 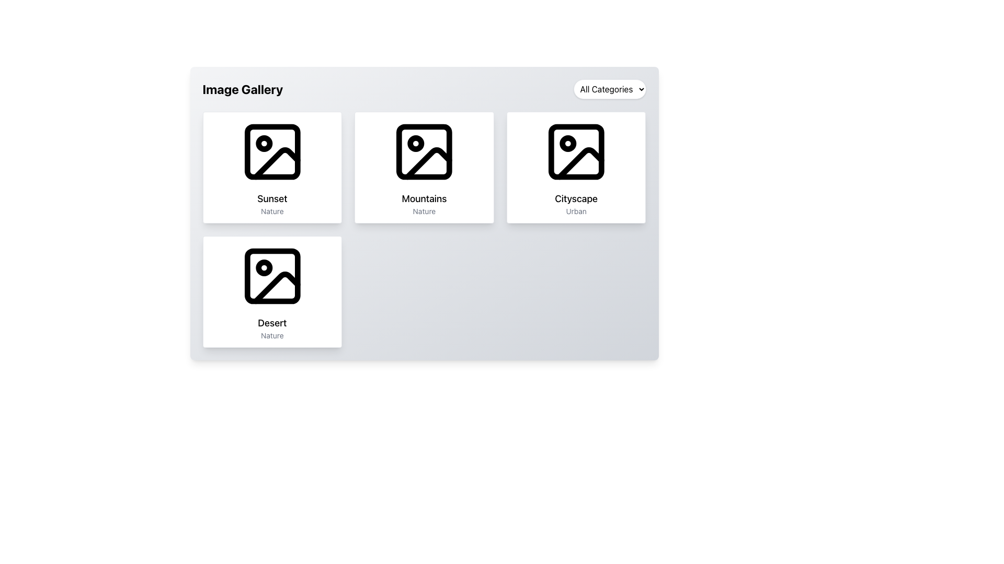 What do you see at coordinates (424, 151) in the screenshot?
I see `the SVG icon representing an image placeholder, which is located in the card labeled 'Mountains' and 'Nature'` at bounding box center [424, 151].